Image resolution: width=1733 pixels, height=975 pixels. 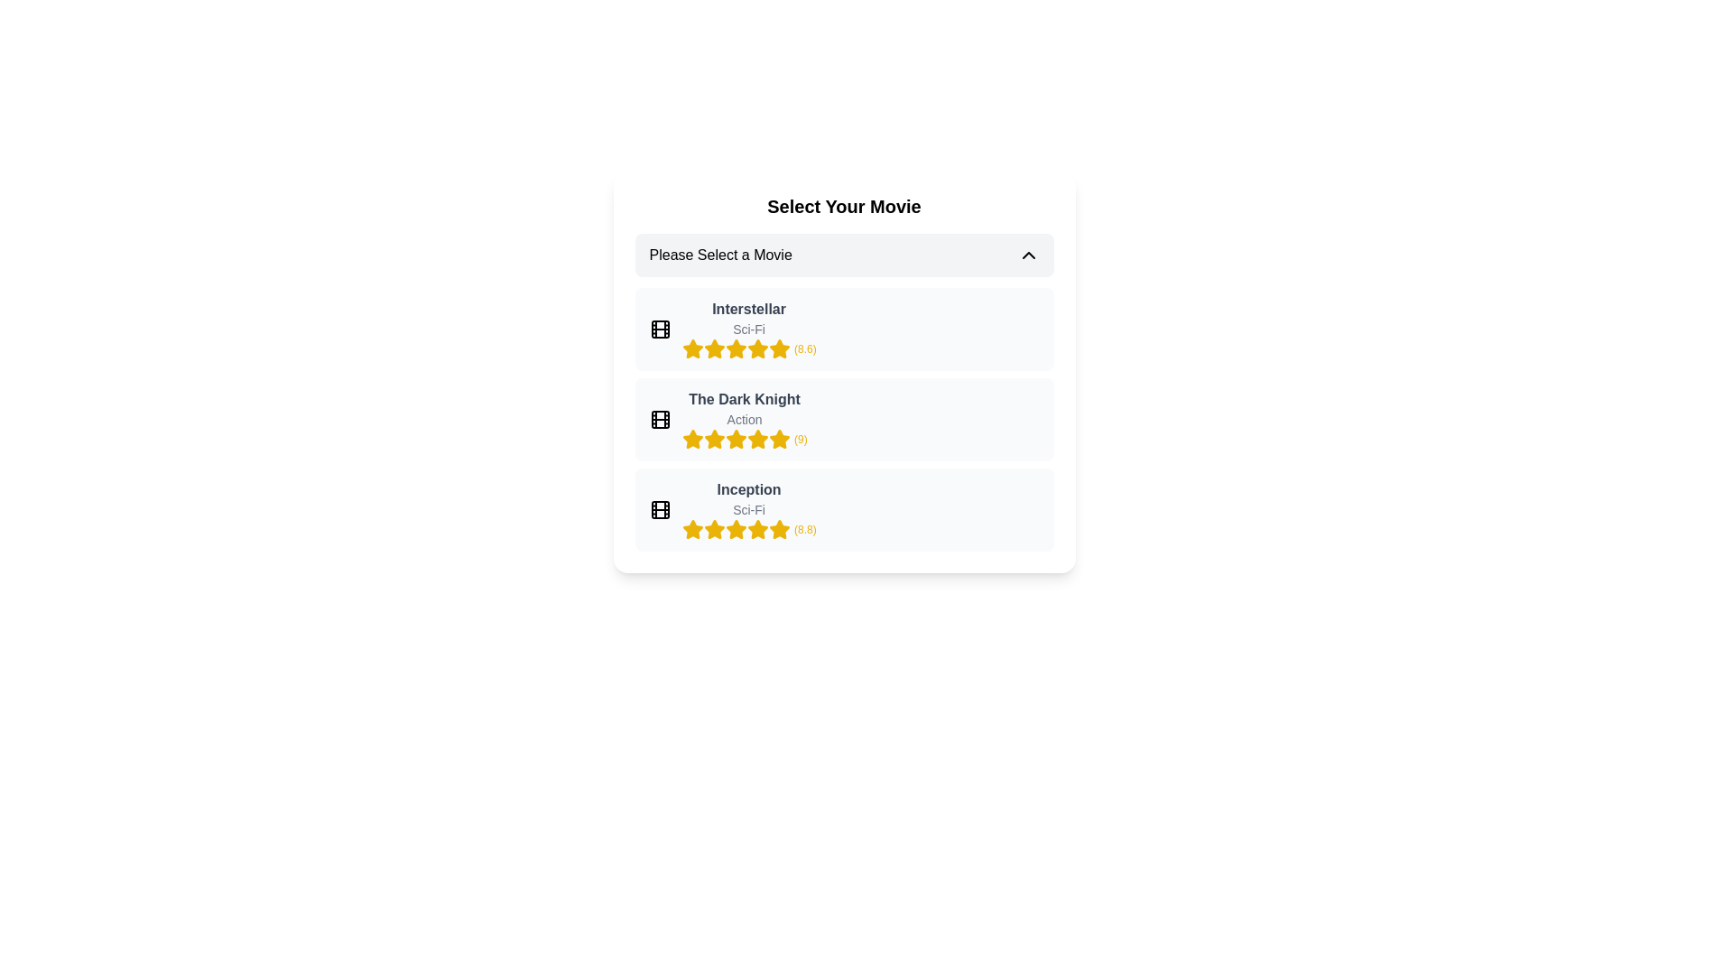 I want to click on the movie icon for 'Interstellar' located at the top left corner of its list item, so click(x=659, y=330).